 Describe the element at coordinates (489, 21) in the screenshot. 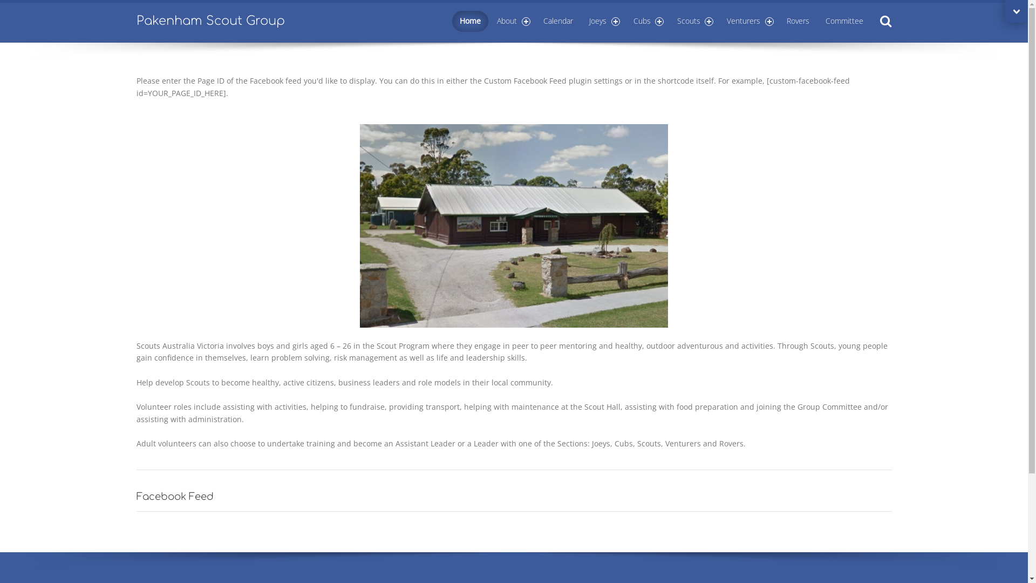

I see `'About'` at that location.